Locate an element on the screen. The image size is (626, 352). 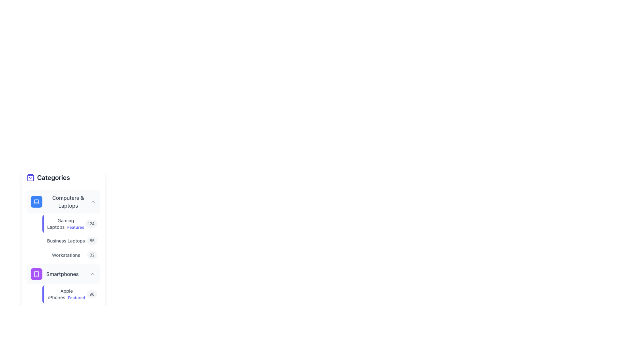
the purple Icon button with a smartphone icon, located to the left of the 'Smartphones' text in the 'Categories' section is located at coordinates (36, 274).